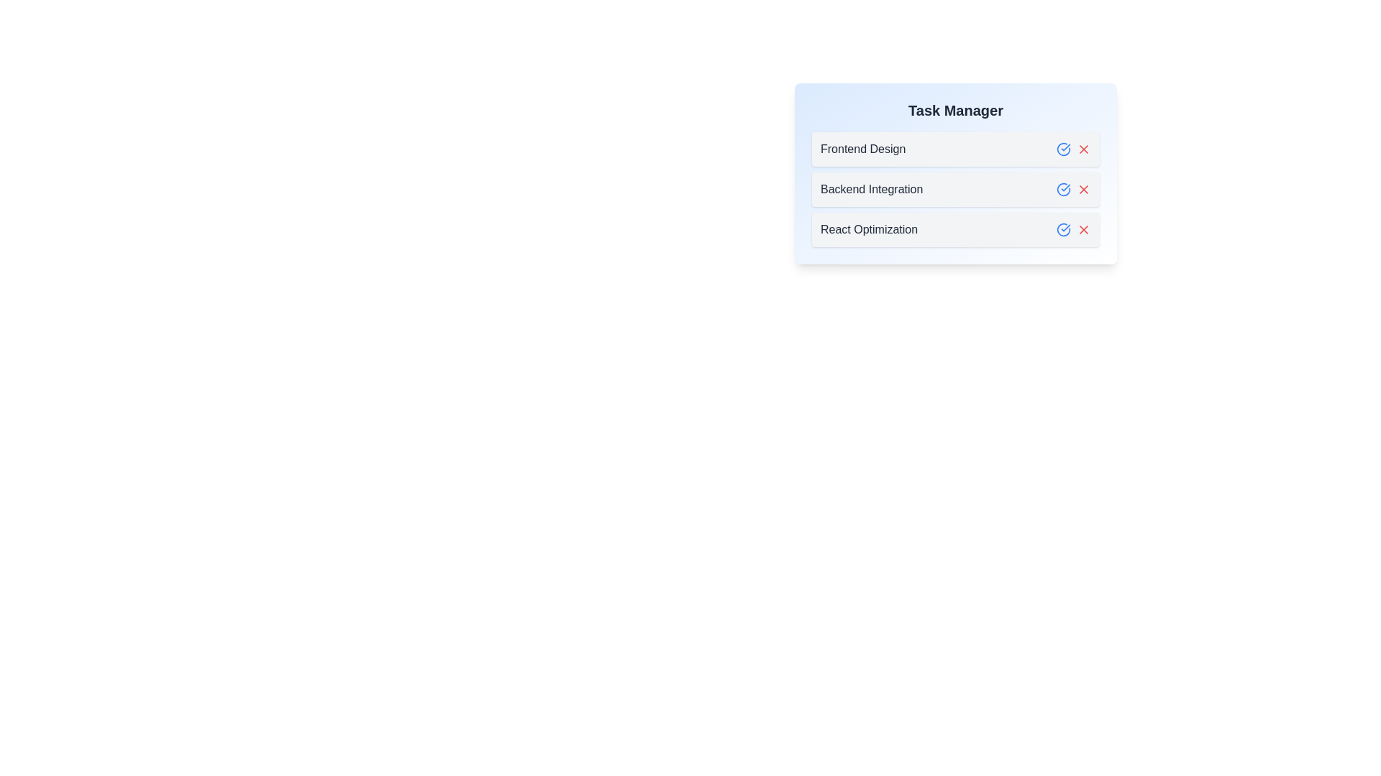 The width and height of the screenshot is (1381, 776). Describe the element at coordinates (1084, 188) in the screenshot. I see `the remove button for the task labeled 'Backend Integration'` at that location.